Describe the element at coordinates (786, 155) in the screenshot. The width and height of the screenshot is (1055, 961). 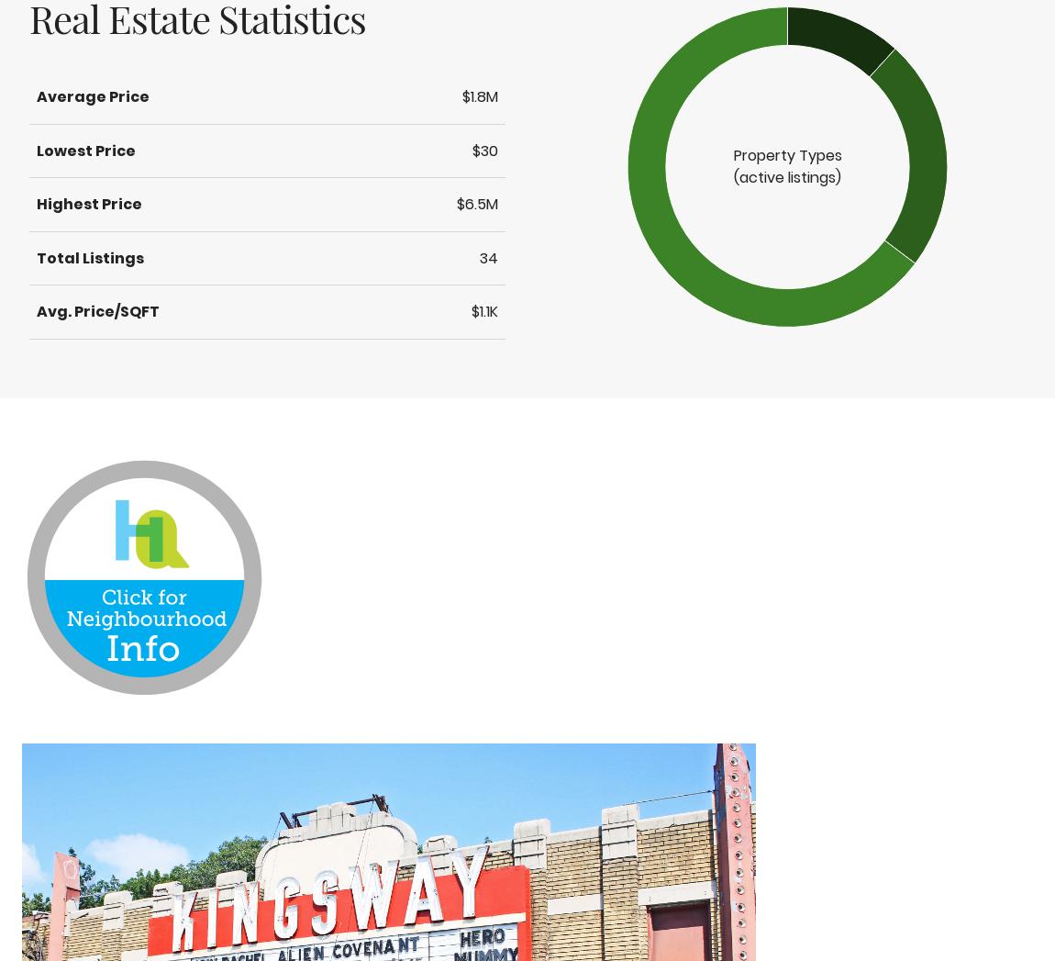
I see `'Property Types'` at that location.